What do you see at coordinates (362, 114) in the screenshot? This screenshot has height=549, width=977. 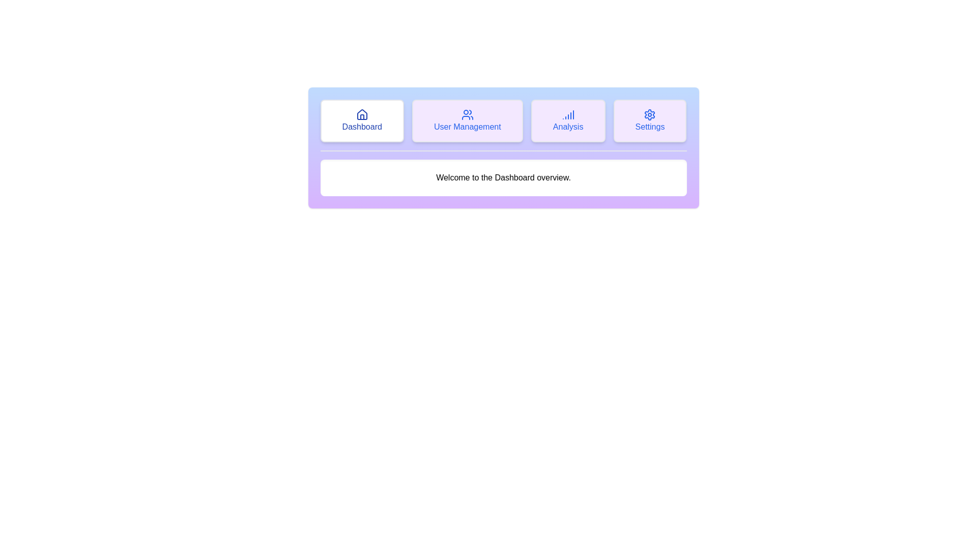 I see `the house-shaped icon in the 'Dashboard' section, which has a distinct roof and door lines, styled with a simple stroke design` at bounding box center [362, 114].